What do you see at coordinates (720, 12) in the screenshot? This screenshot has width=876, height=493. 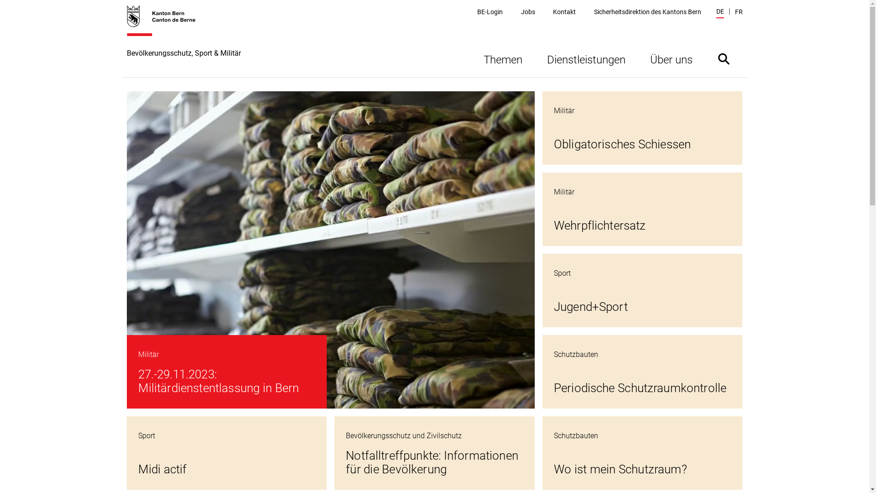 I see `'DE'` at bounding box center [720, 12].